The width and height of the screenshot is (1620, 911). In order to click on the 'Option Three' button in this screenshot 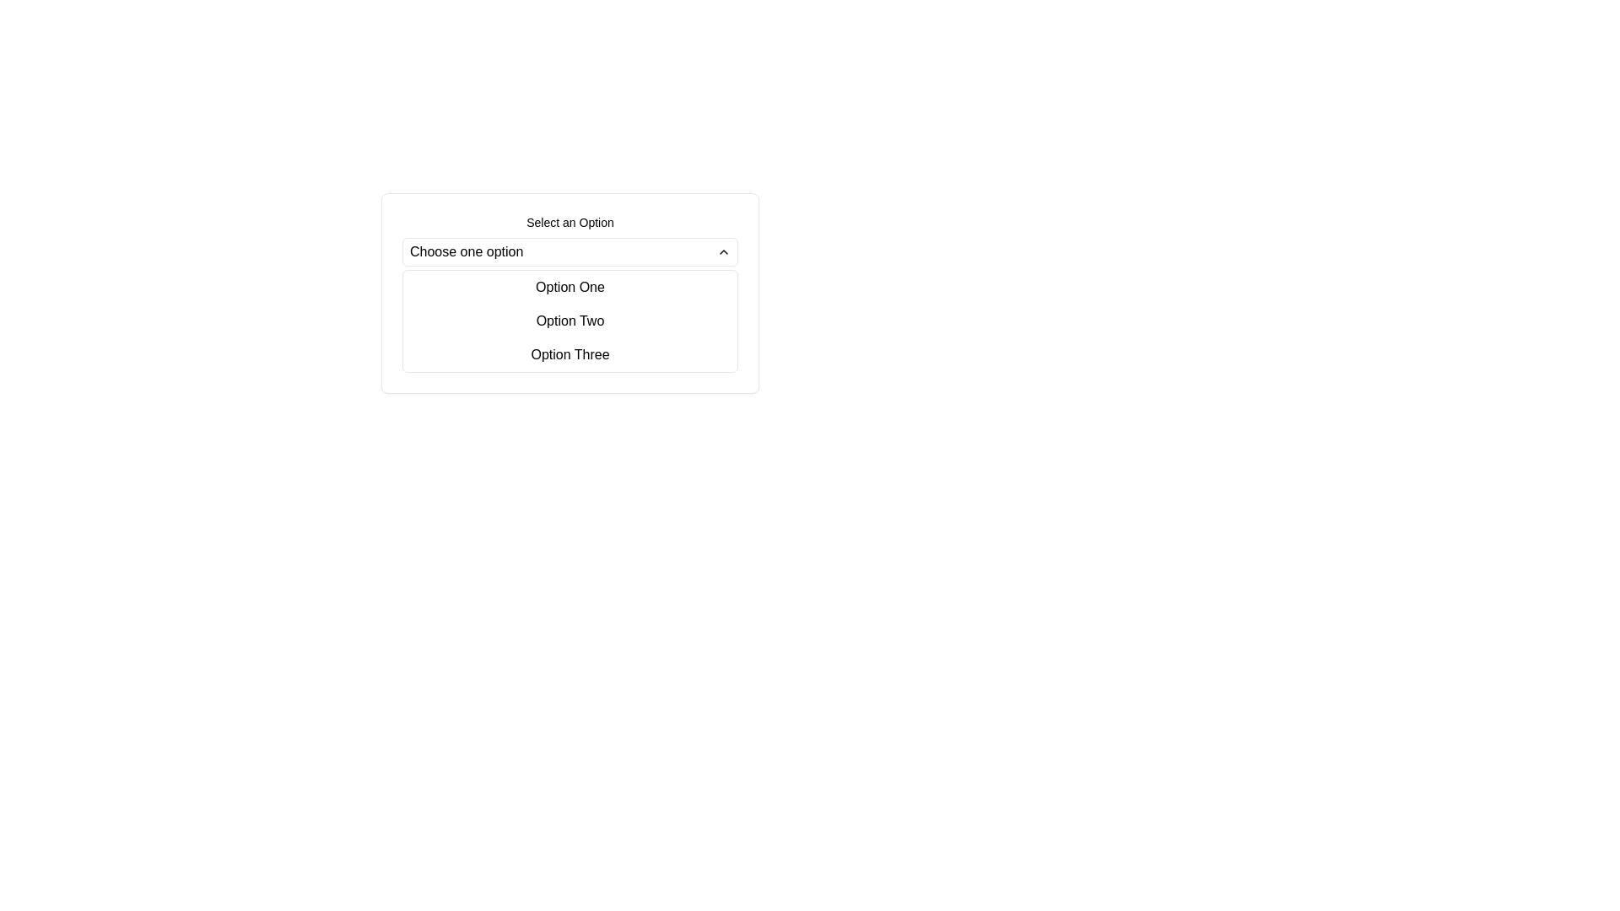, I will do `click(570, 353)`.